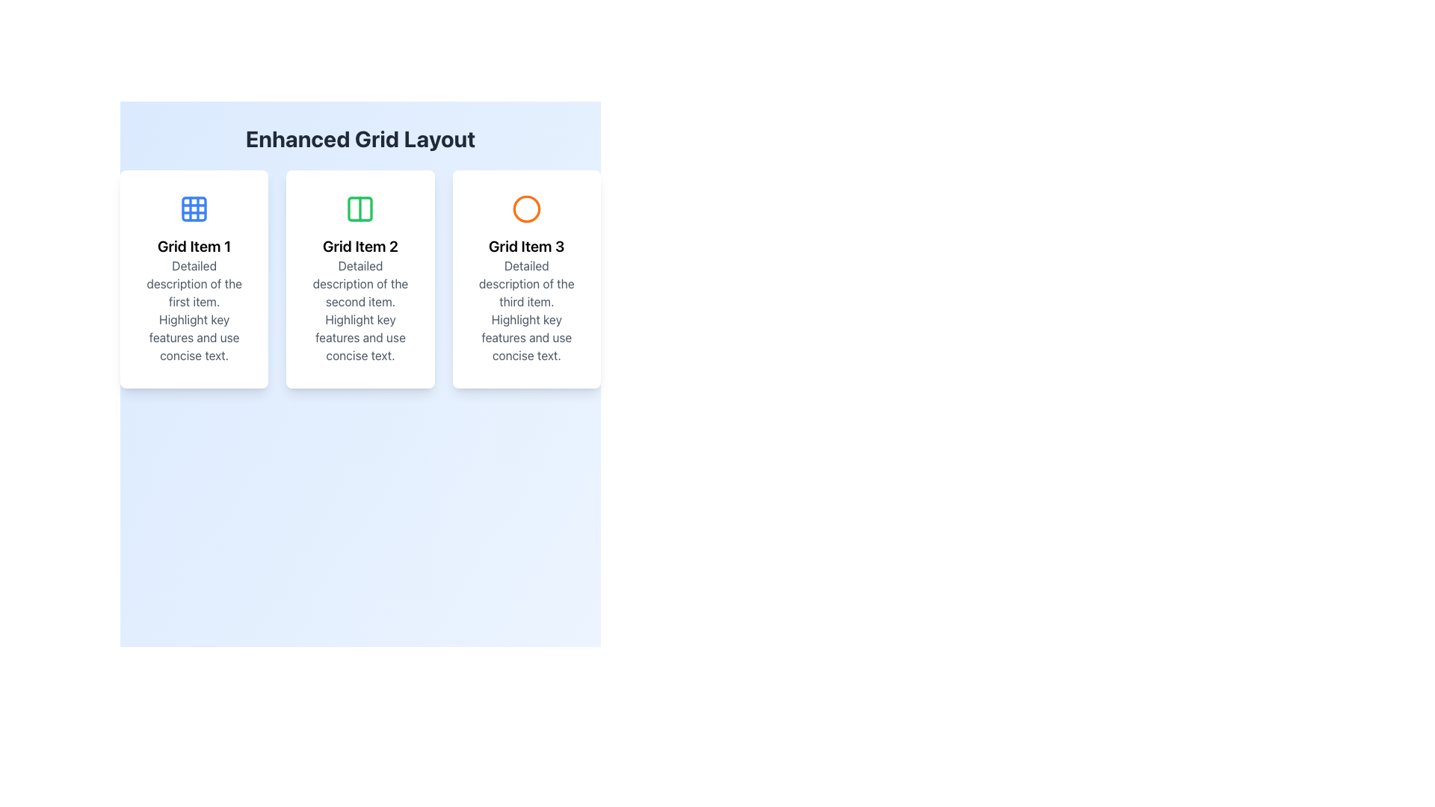 The width and height of the screenshot is (1435, 807). What do you see at coordinates (526, 209) in the screenshot?
I see `the circular icon outline with an orange stroke, located above the text 'Grid Item 3' in the panel` at bounding box center [526, 209].